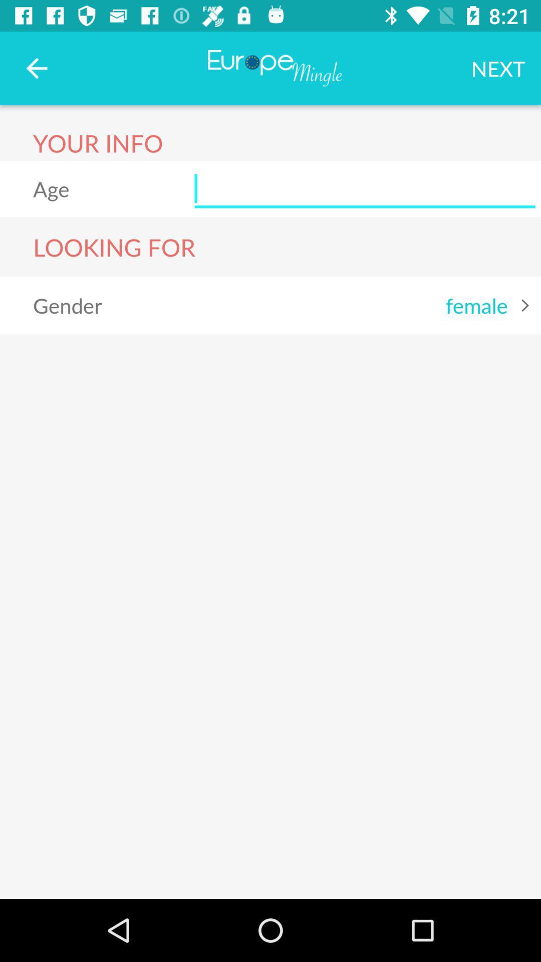 Image resolution: width=541 pixels, height=962 pixels. What do you see at coordinates (365, 189) in the screenshot?
I see `the icon above the looking for` at bounding box center [365, 189].